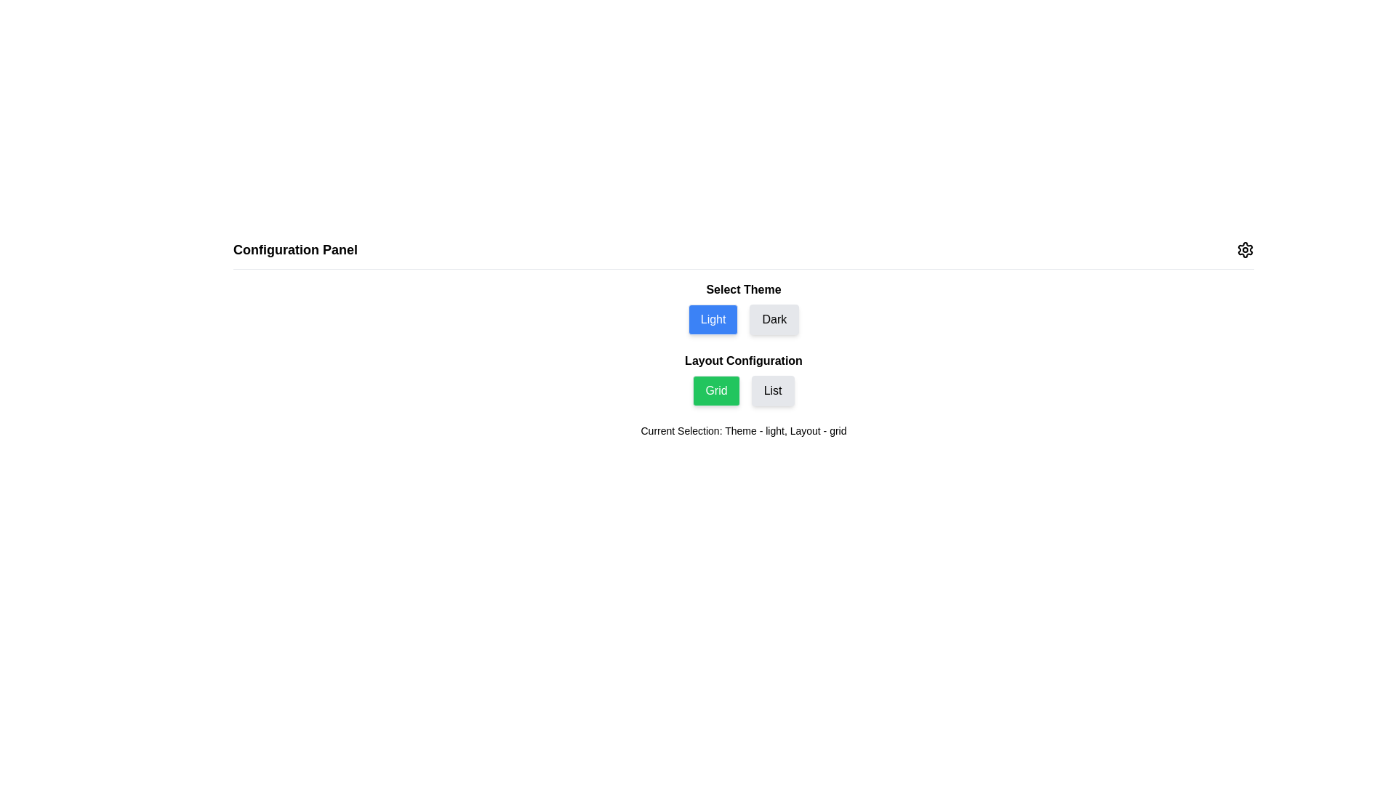 This screenshot has height=785, width=1396. What do you see at coordinates (743, 361) in the screenshot?
I see `the label that indicates the purpose of the following section, located between the 'Select Theme' section and the 'Grid' and 'List' buttons` at bounding box center [743, 361].